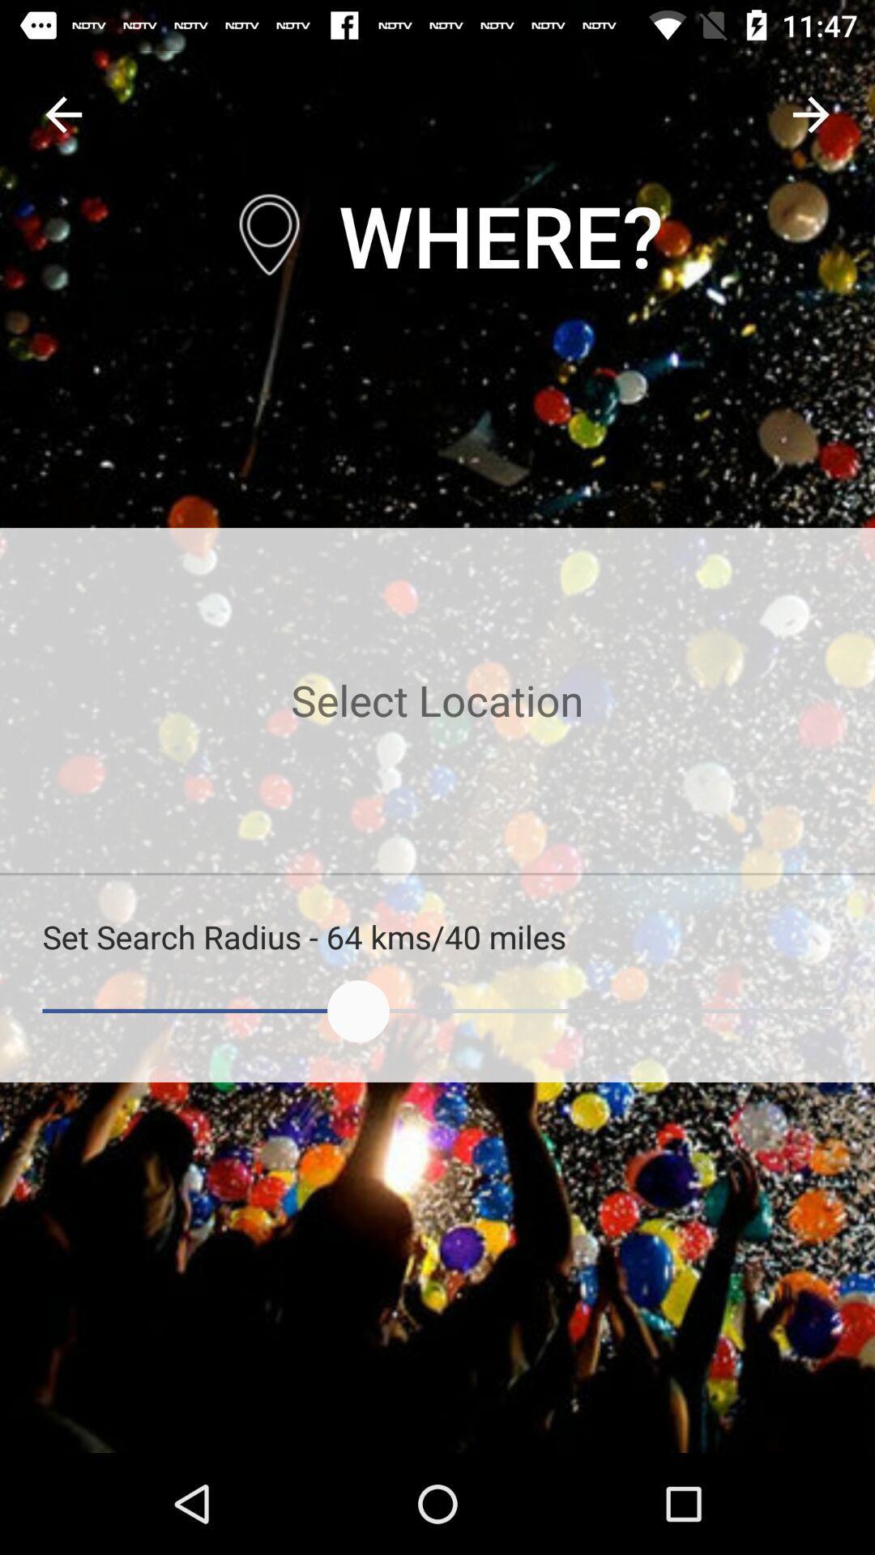 This screenshot has height=1555, width=875. What do you see at coordinates (62, 113) in the screenshot?
I see `the arrow_backward icon` at bounding box center [62, 113].